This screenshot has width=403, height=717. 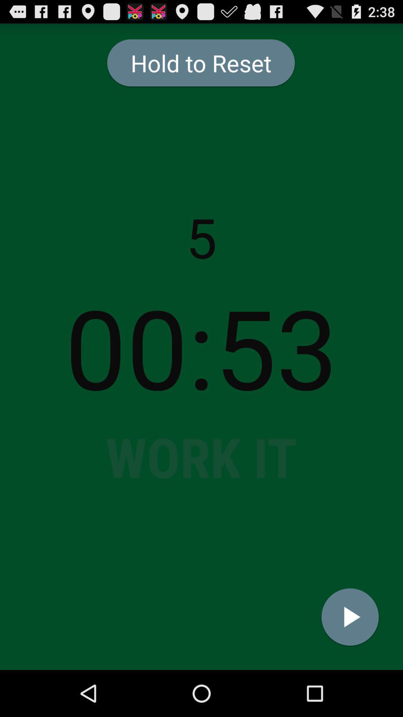 What do you see at coordinates (350, 617) in the screenshot?
I see `icon below the 00:53 item` at bounding box center [350, 617].